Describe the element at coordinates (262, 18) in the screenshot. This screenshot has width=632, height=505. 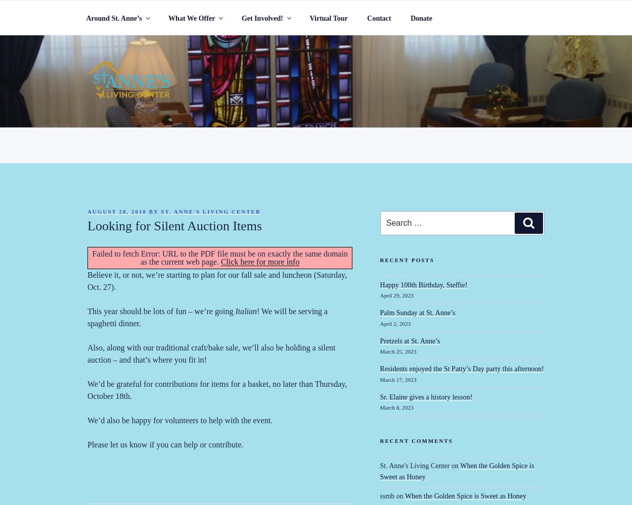
I see `'Get Involved!'` at that location.